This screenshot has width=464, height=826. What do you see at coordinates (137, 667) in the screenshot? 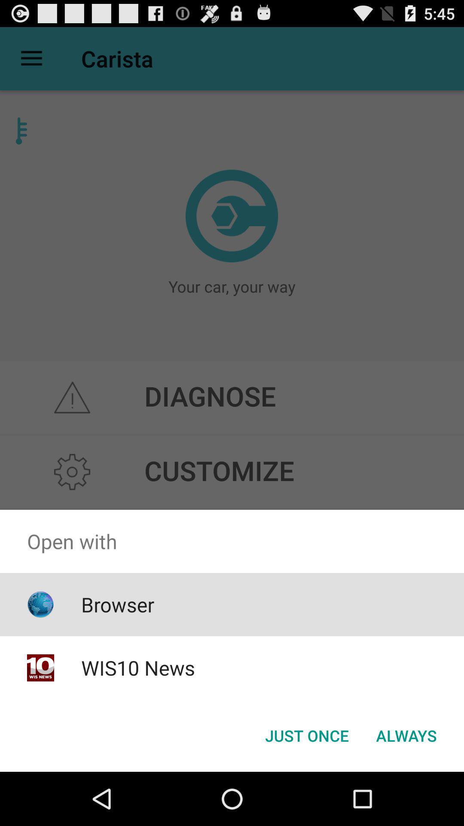
I see `the icon below browser app` at bounding box center [137, 667].